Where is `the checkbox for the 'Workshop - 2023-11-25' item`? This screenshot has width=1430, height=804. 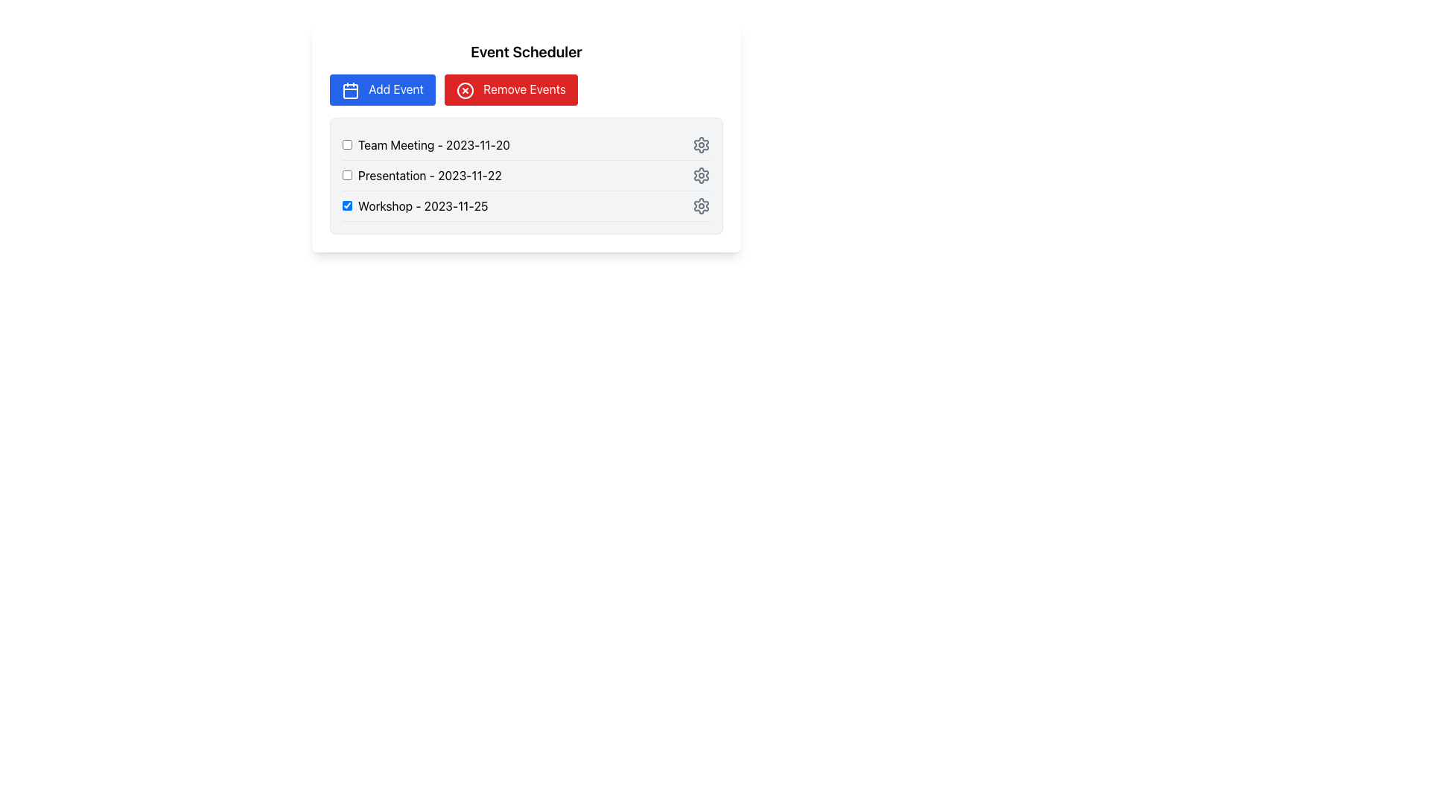 the checkbox for the 'Workshop - 2023-11-25' item is located at coordinates (346, 205).